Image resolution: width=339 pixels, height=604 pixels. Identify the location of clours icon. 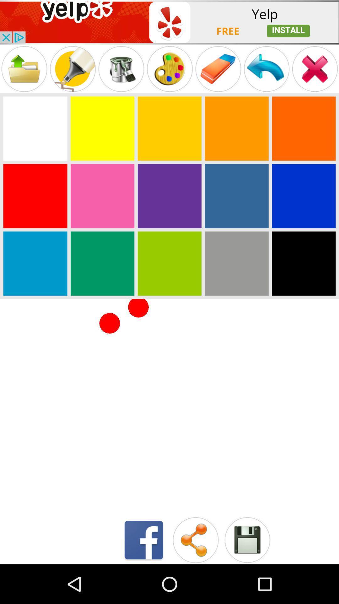
(169, 196).